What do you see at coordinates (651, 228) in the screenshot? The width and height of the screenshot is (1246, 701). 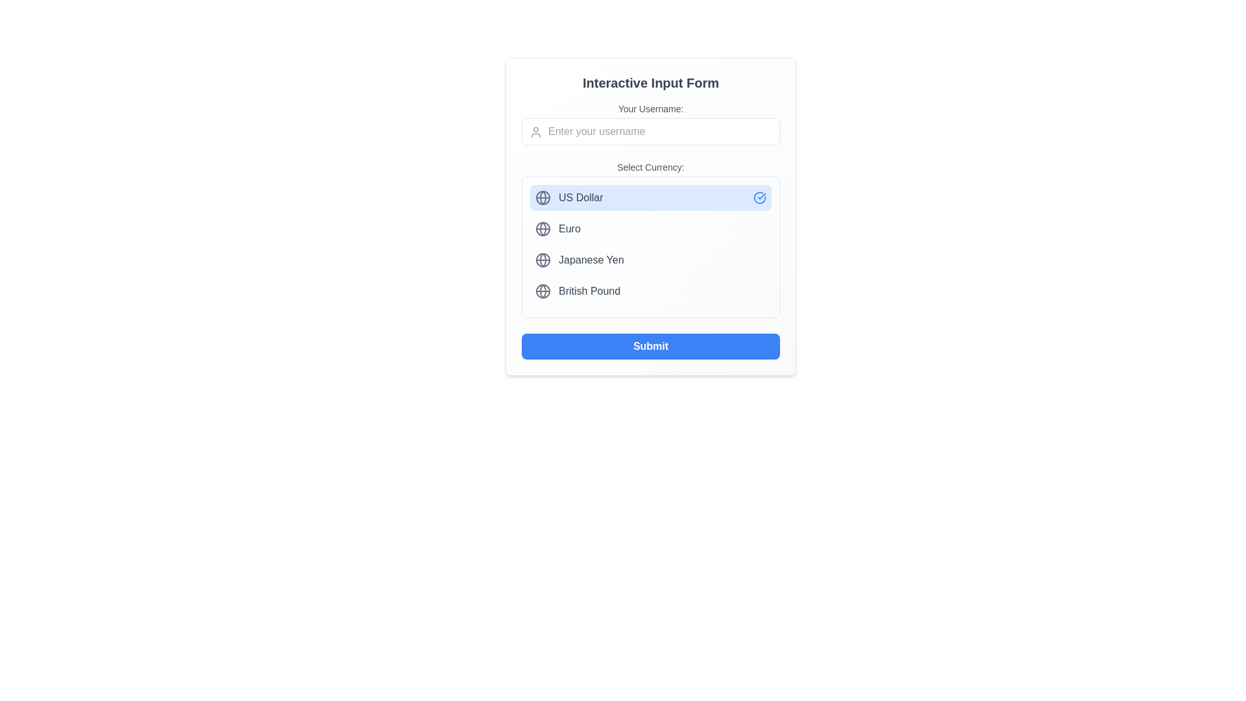 I see `the 'Euro' currency option in the currency selection menu, which is the second selectable item in the list, located below 'US Dollar' and above 'Japanese Yen'` at bounding box center [651, 228].